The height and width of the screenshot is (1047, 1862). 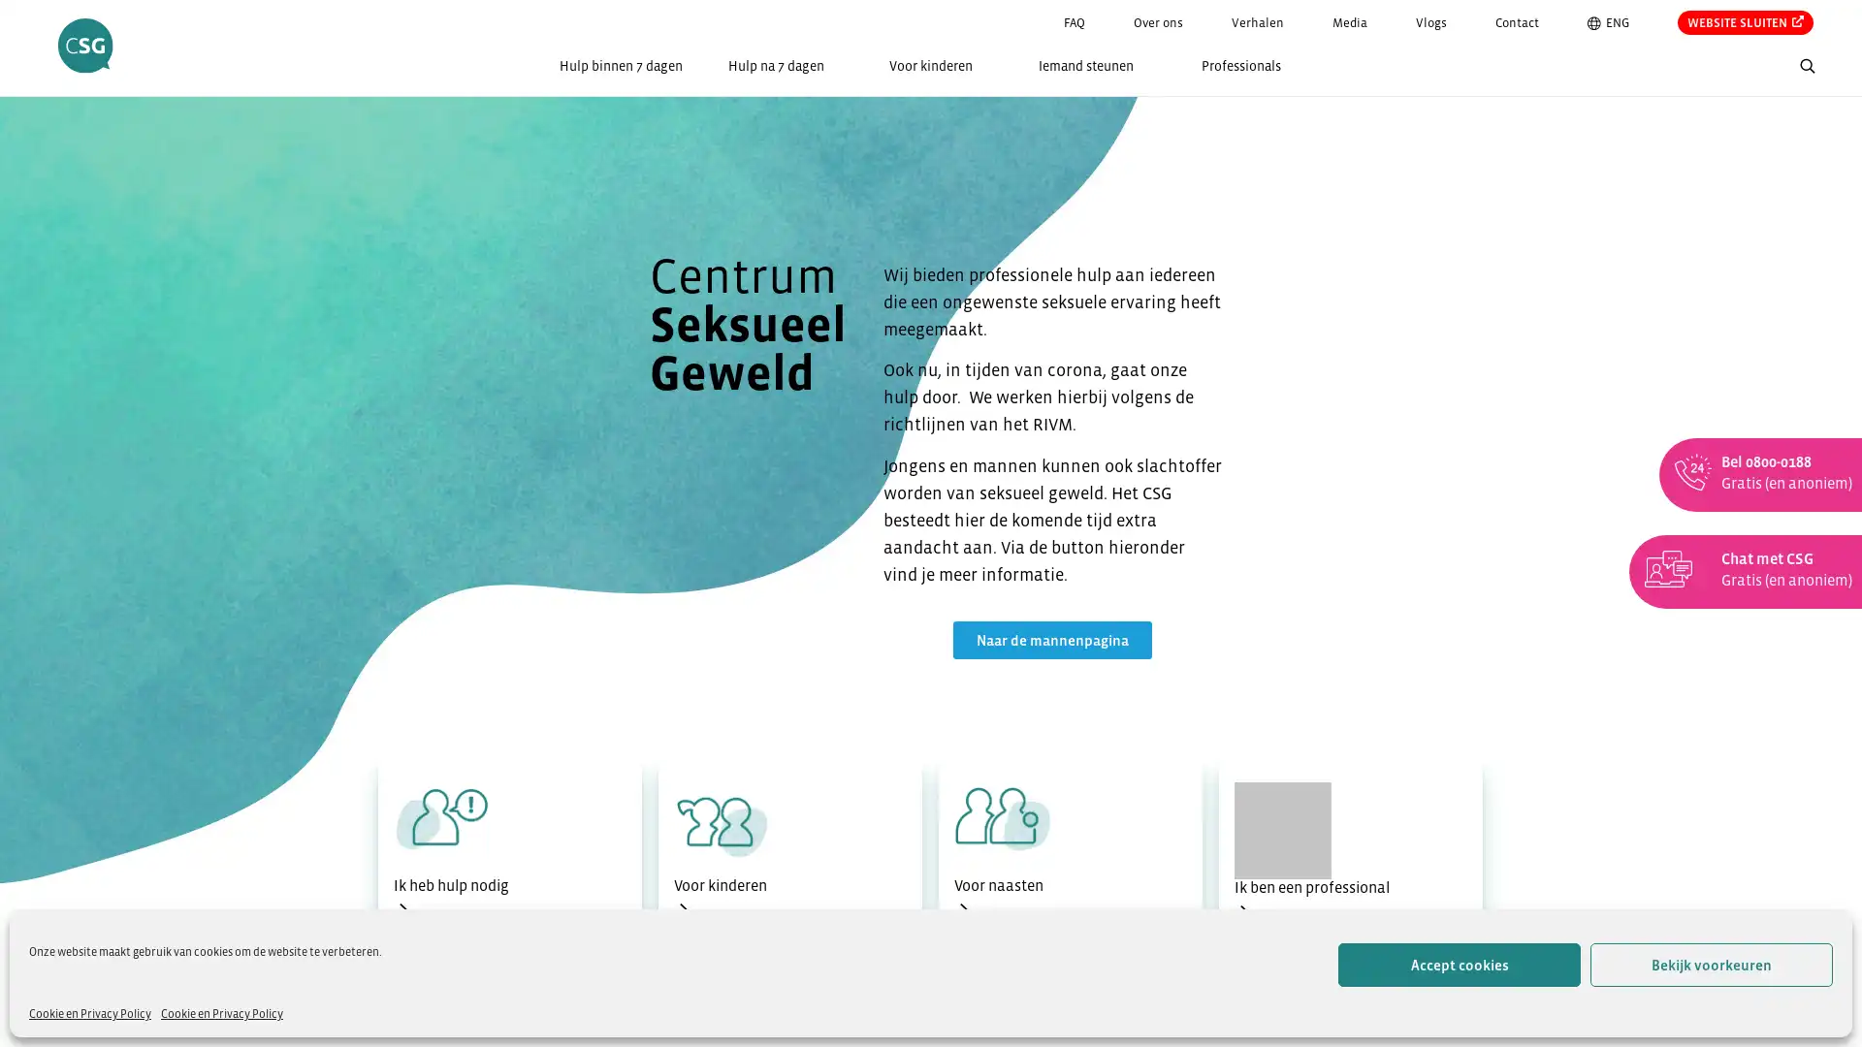 What do you see at coordinates (1712, 965) in the screenshot?
I see `Bekijk voorkeuren` at bounding box center [1712, 965].